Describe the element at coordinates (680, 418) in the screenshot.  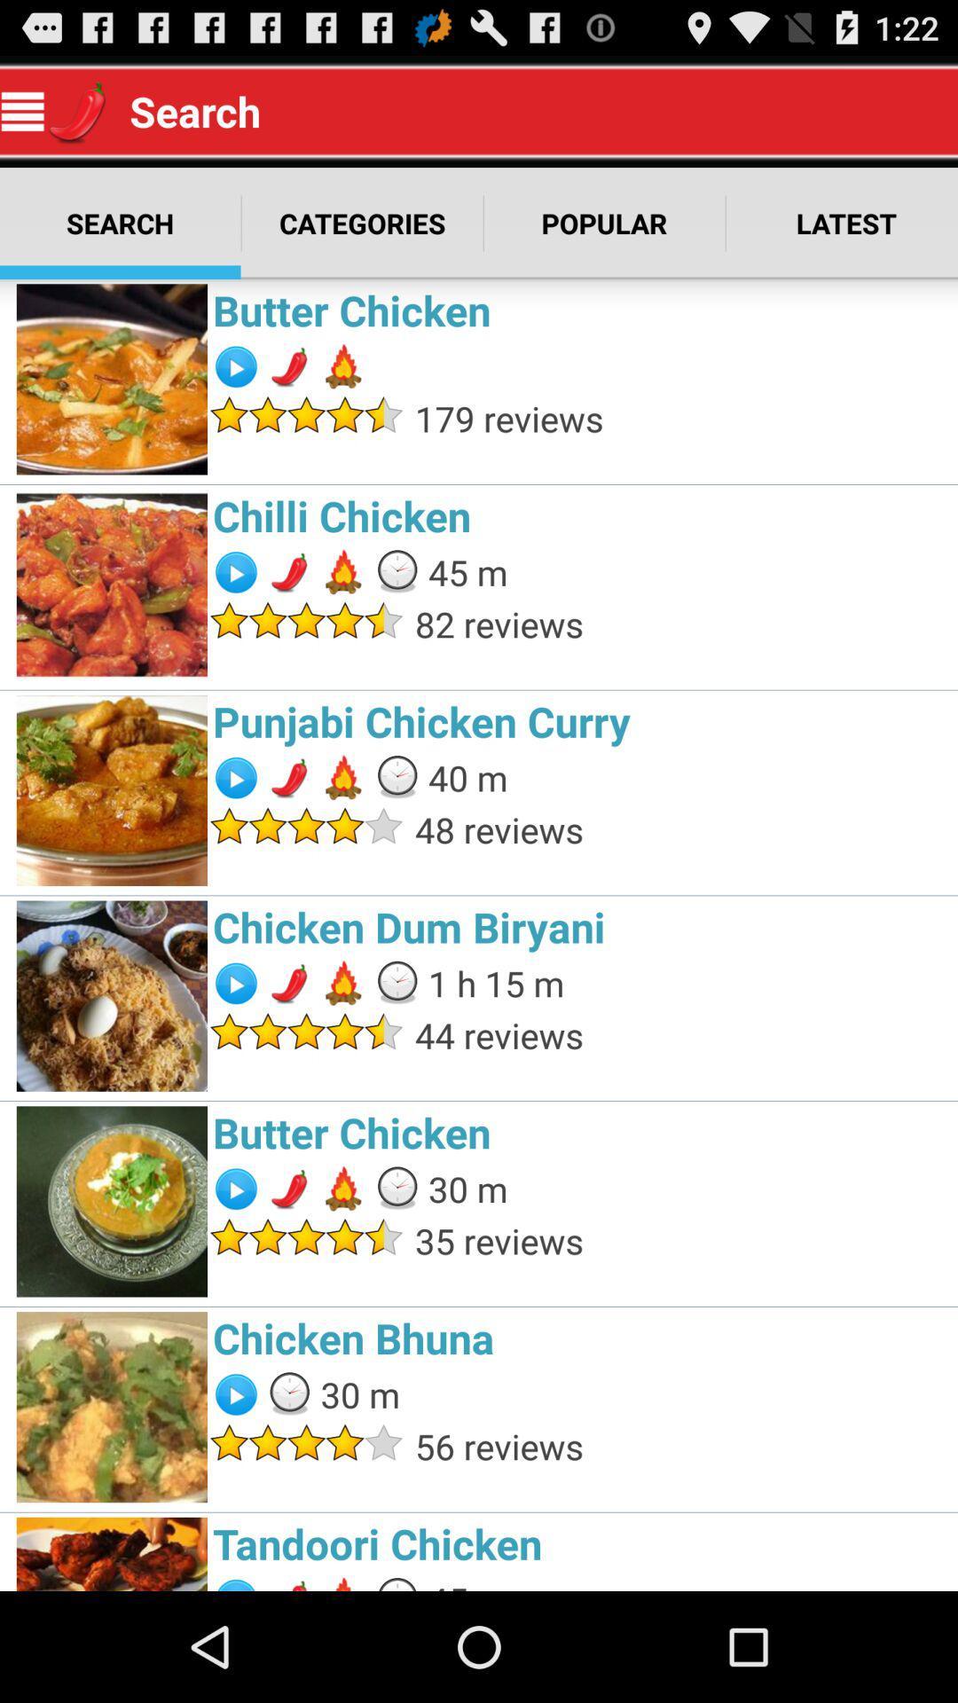
I see `icon below butter chicken item` at that location.